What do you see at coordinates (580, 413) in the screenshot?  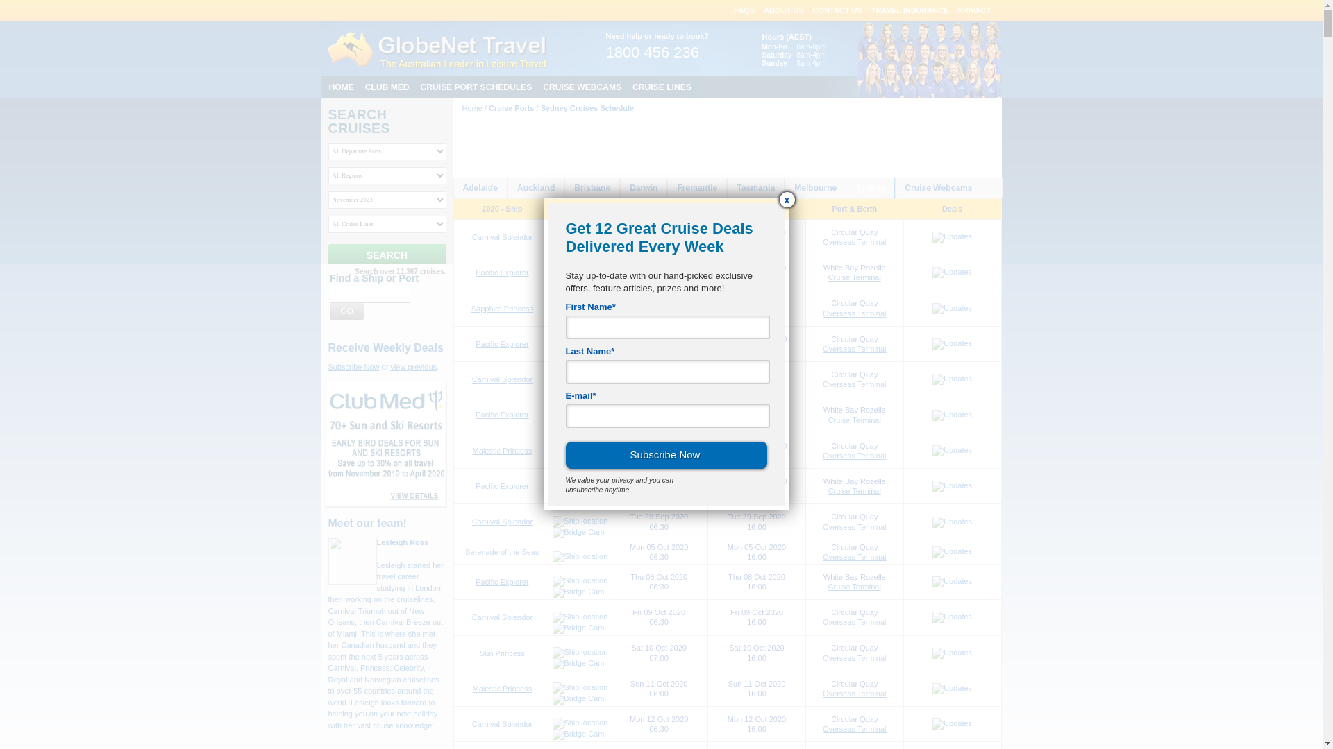 I see `'Ship location'` at bounding box center [580, 413].